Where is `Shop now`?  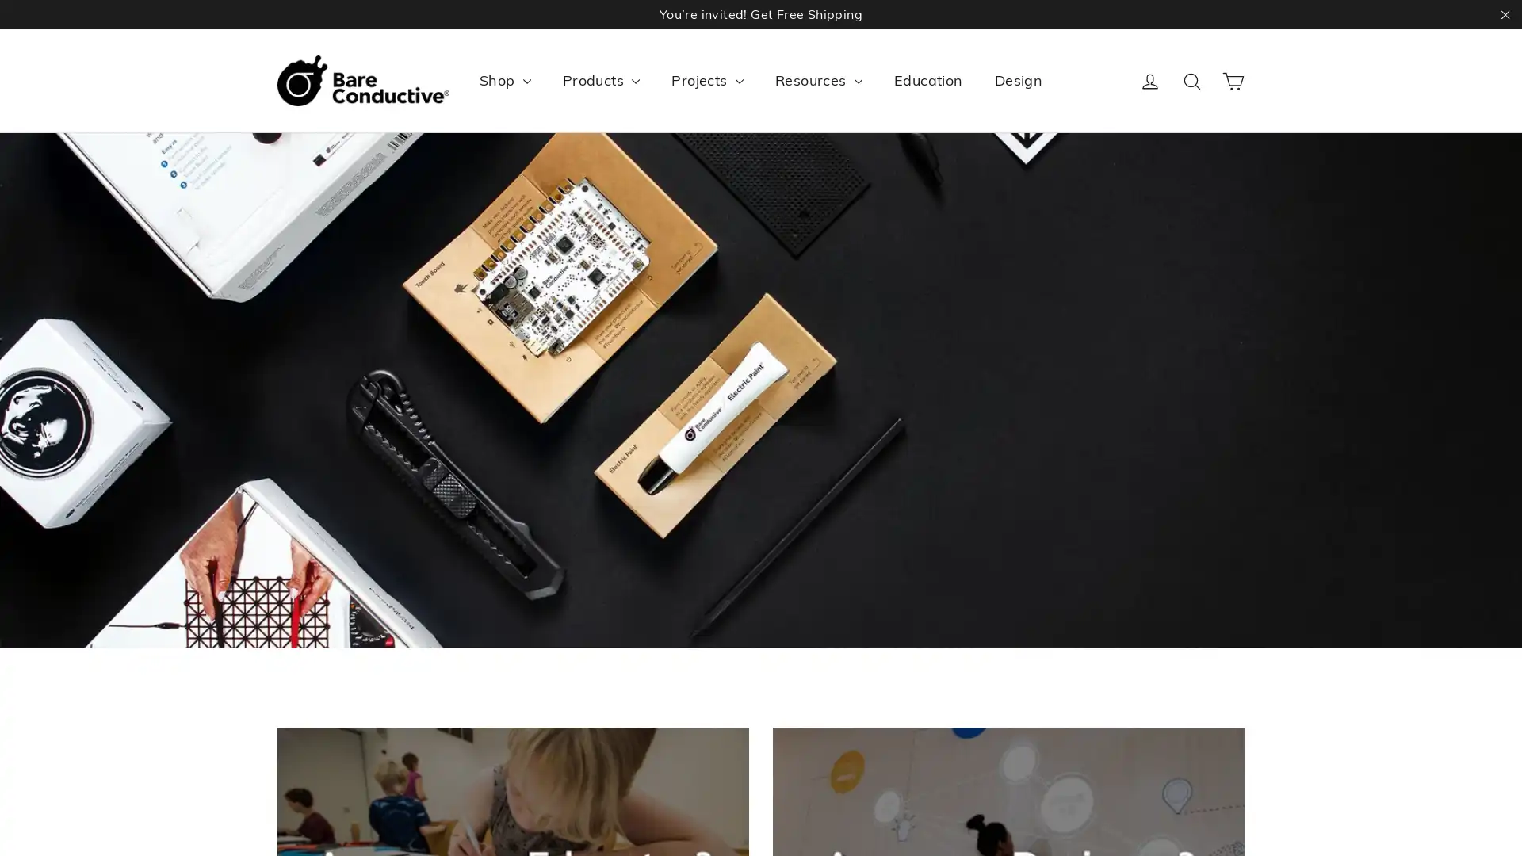
Shop now is located at coordinates (761, 507).